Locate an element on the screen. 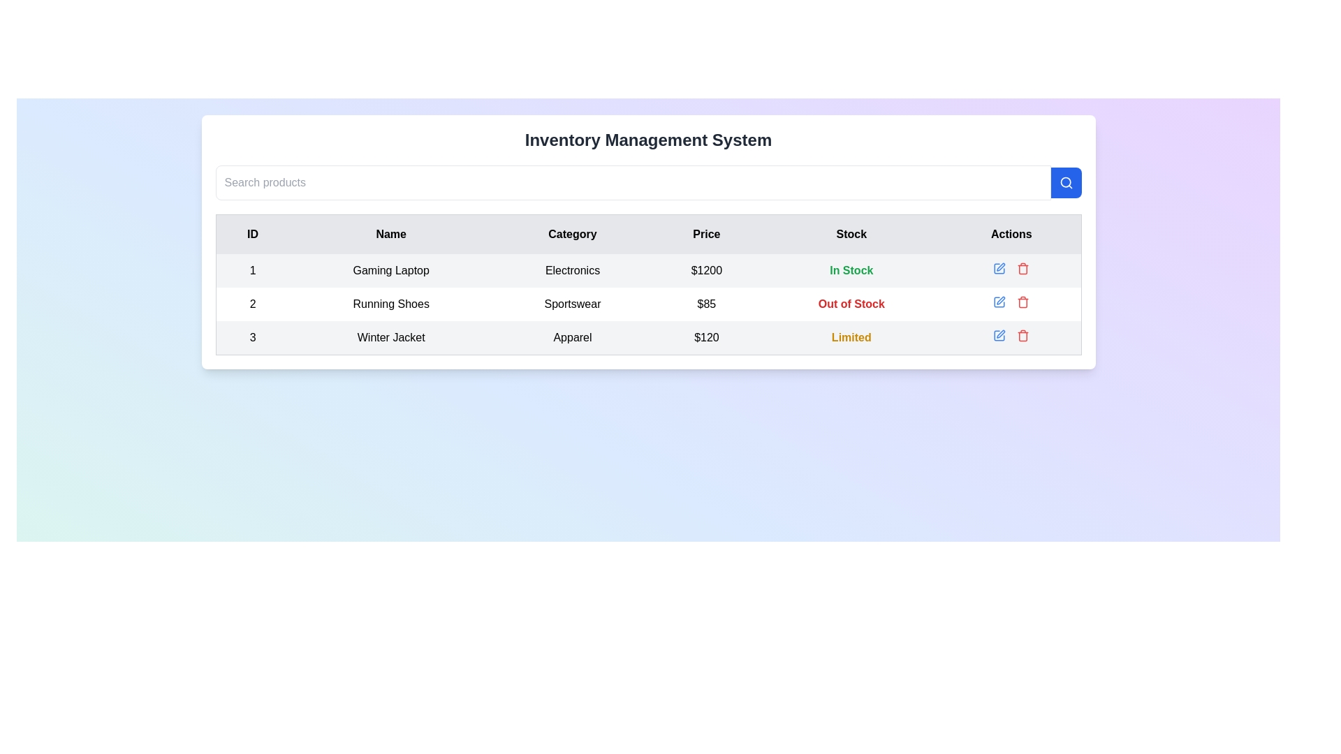  text content of the large, bold text label displaying 'Inventory Management System' at the top of the content area is located at coordinates (647, 140).